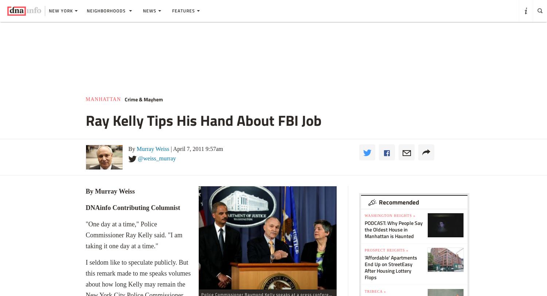 This screenshot has width=547, height=296. What do you see at coordinates (393, 229) in the screenshot?
I see `'PODCAST: Why People Say the Oldest House in Manhattan is Haunted'` at bounding box center [393, 229].